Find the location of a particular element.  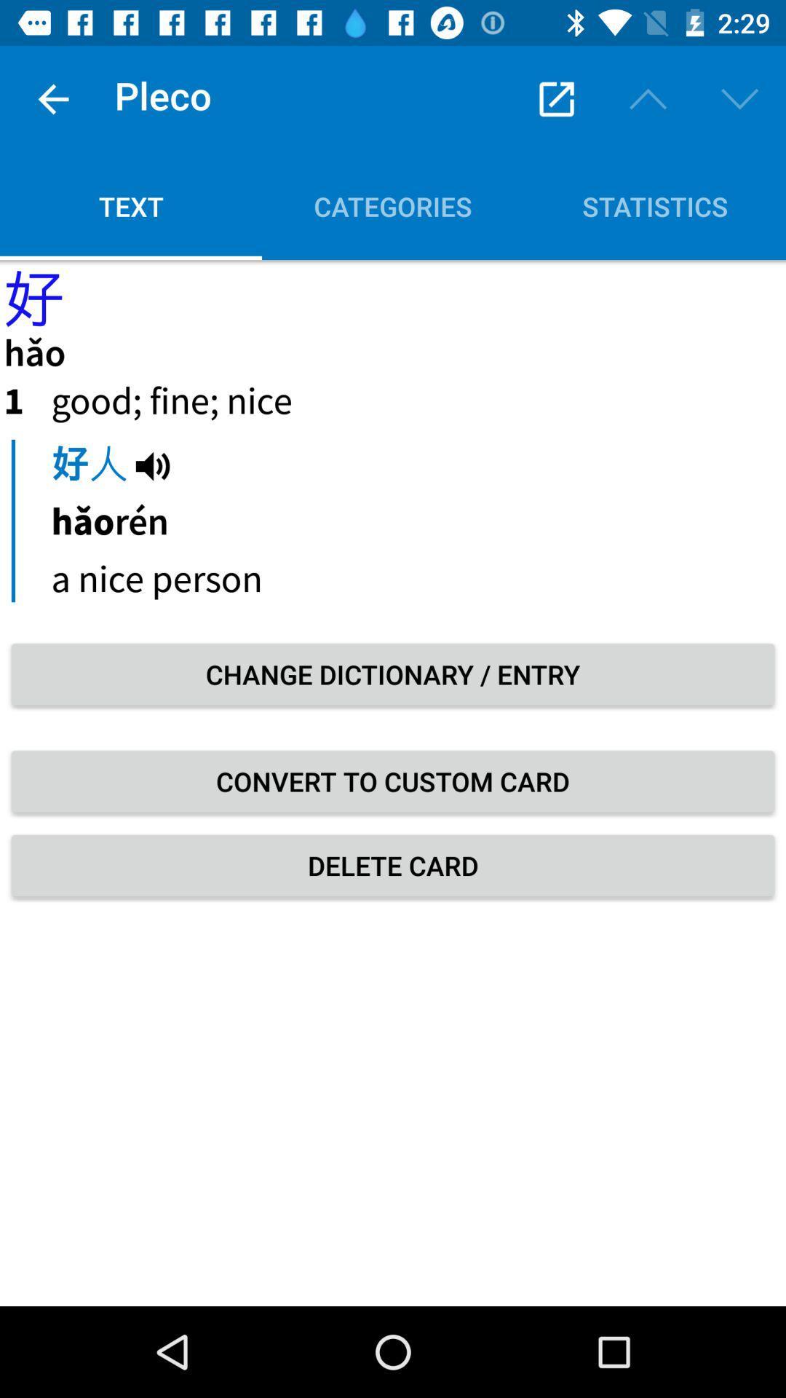

item next to pleco is located at coordinates (52, 98).